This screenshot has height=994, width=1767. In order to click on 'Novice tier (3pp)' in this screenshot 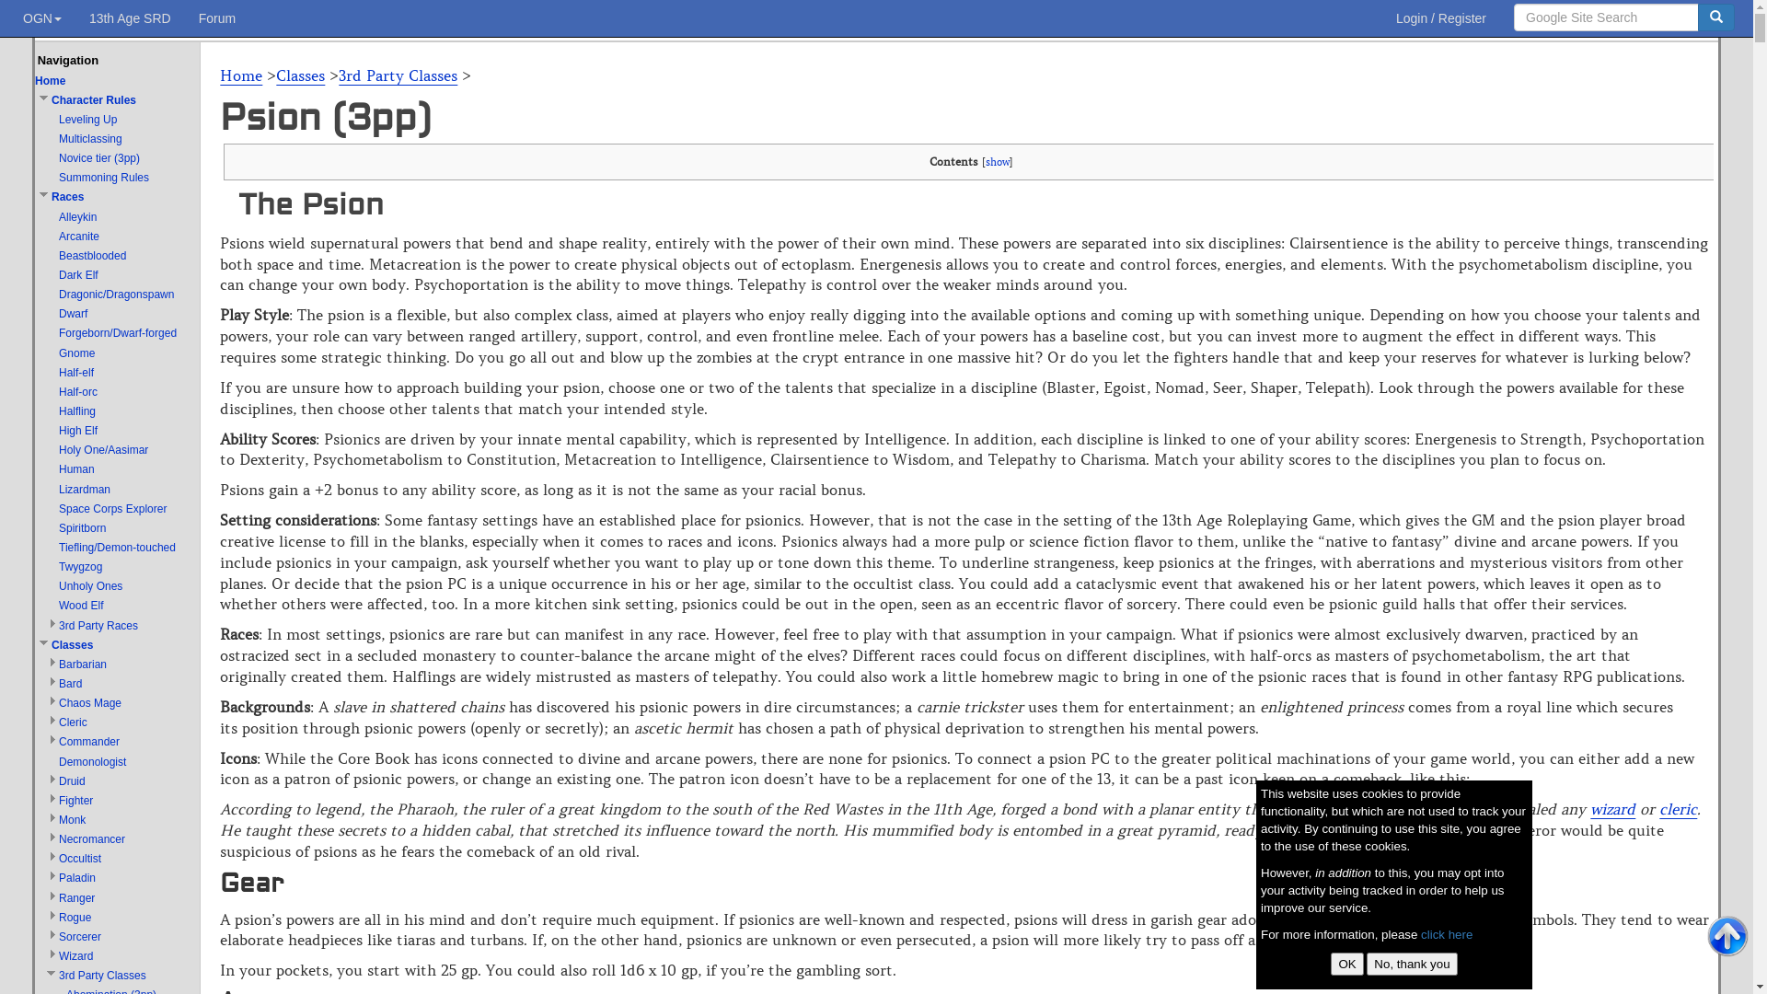, I will do `click(98, 157)`.